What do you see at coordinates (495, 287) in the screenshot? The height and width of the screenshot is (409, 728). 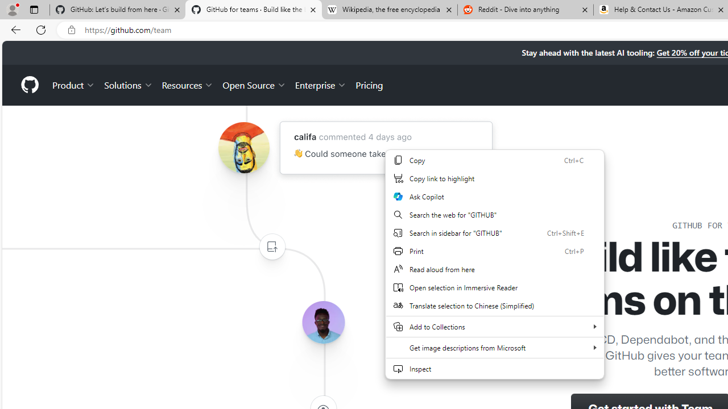 I see `'Open selection in Immersive Reader'` at bounding box center [495, 287].